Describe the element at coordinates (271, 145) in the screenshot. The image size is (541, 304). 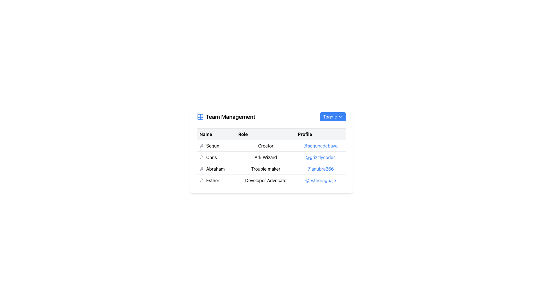
I see `text from the 'Creator' label in the 'Role' column of the second row in the 'Team Management' table, which is positioned between 'Segun' and '@segunadebayo'` at that location.